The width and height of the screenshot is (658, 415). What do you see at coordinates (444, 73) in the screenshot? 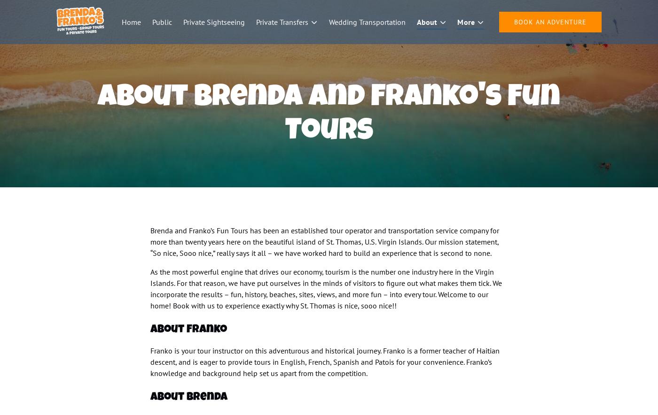
I see `'Tour Highlights'` at bounding box center [444, 73].